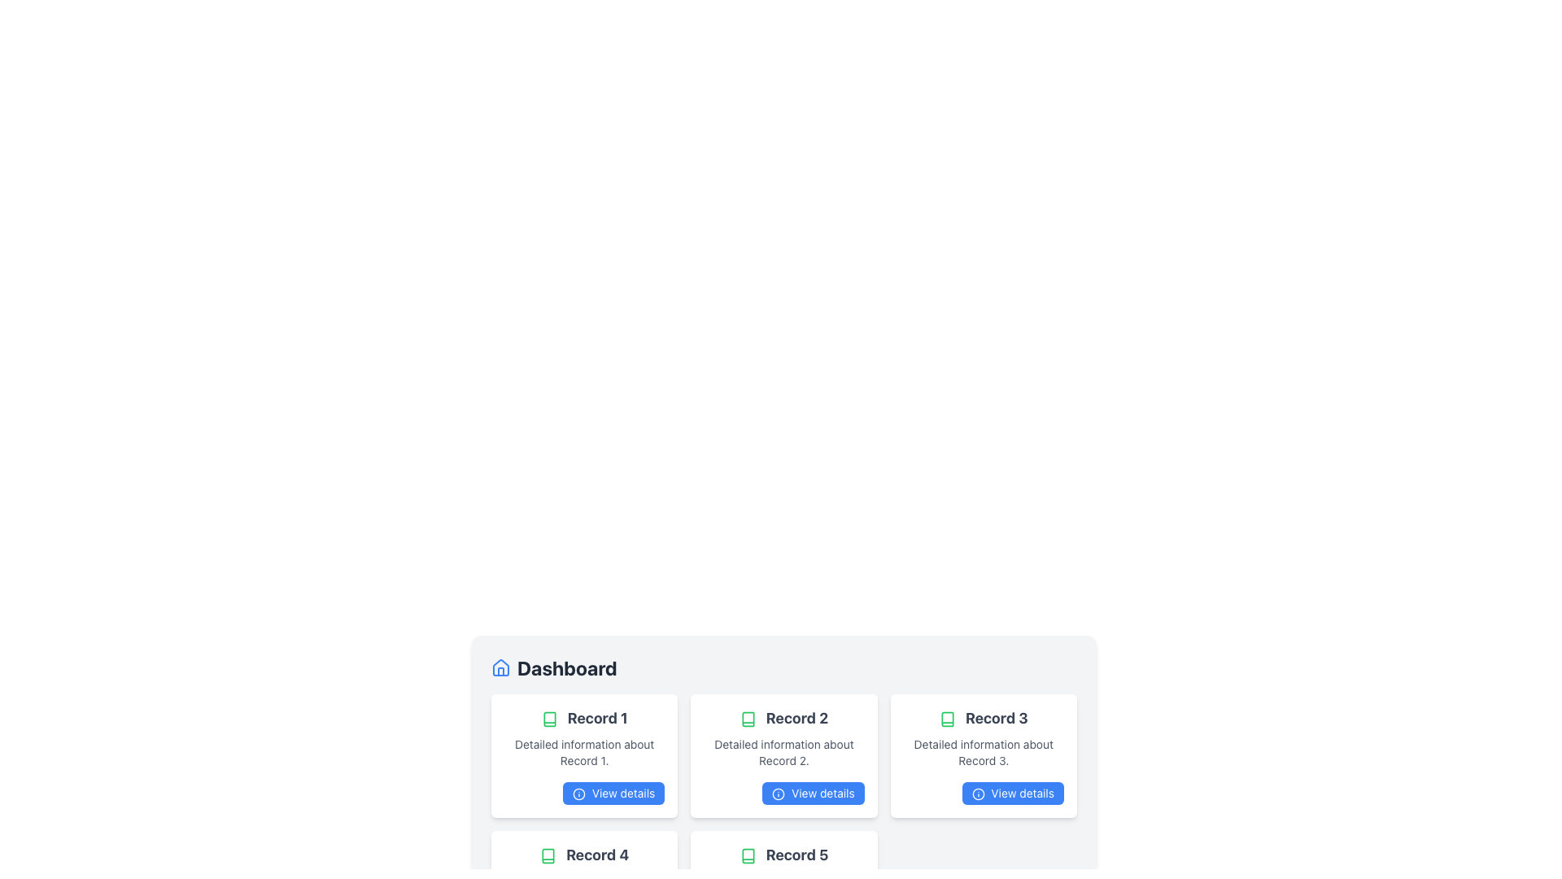  What do you see at coordinates (778, 794) in the screenshot?
I see `the icon representing additional information located to the left of the 'View details' button for 'Record 3'` at bounding box center [778, 794].